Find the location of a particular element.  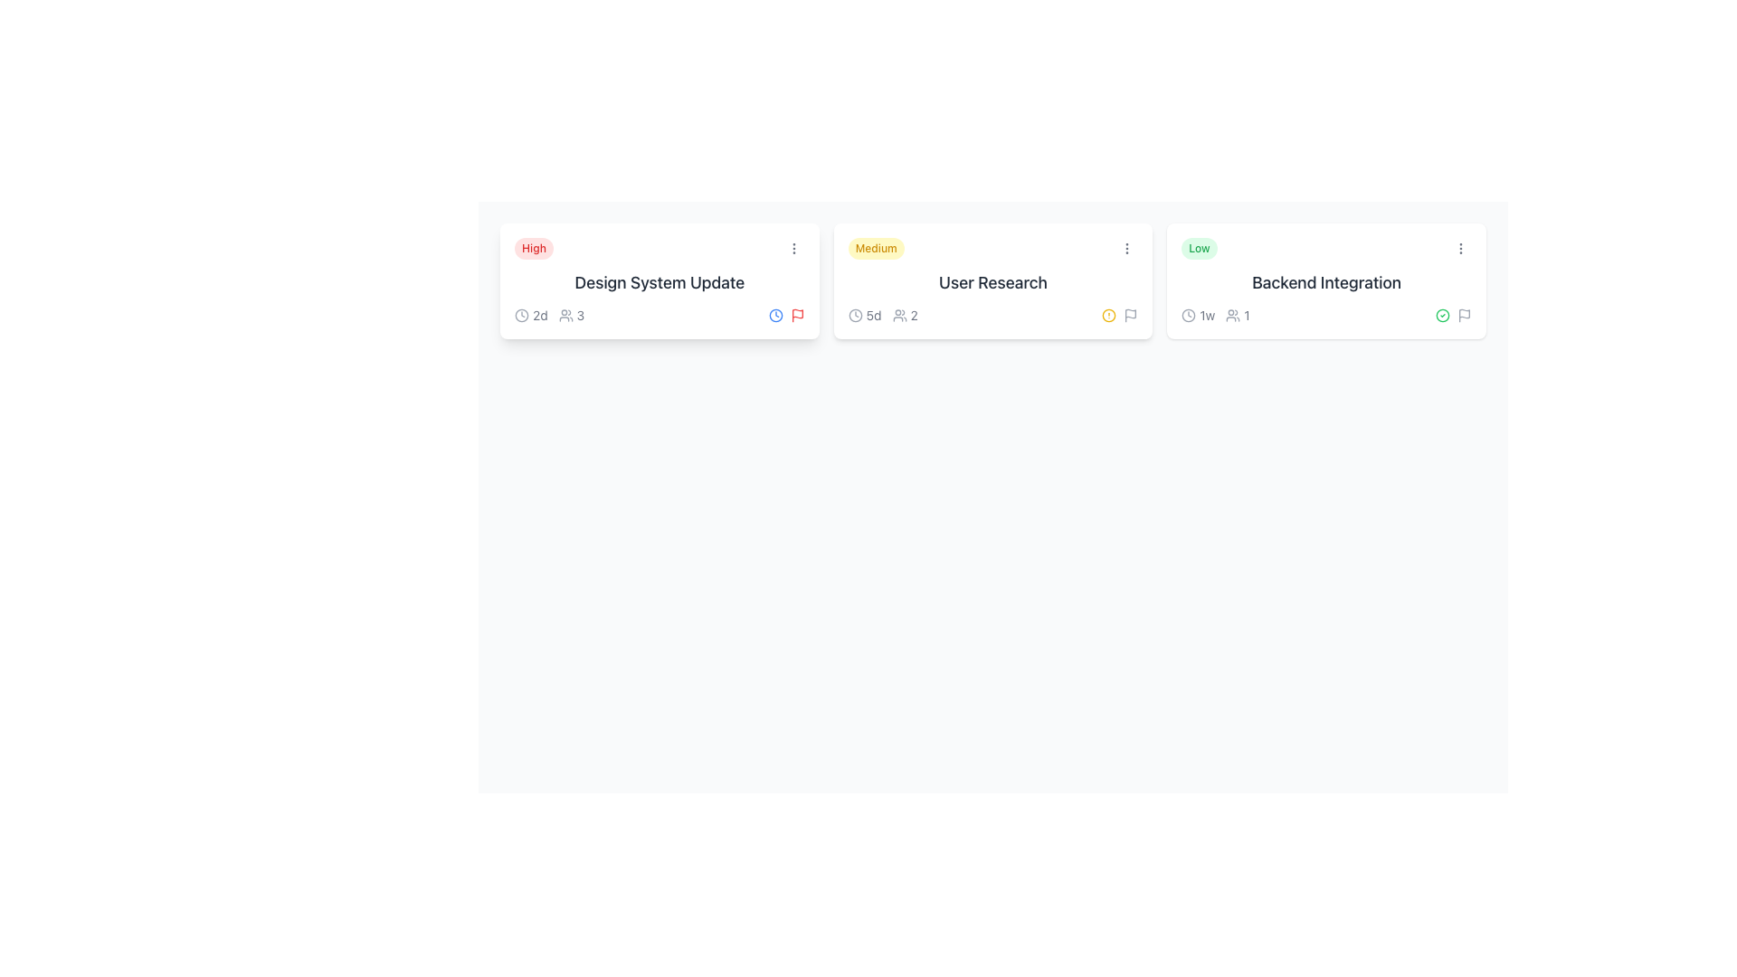

the clock icon with the text '1w' located at the top-right corner of the 'Backend Integration' card is located at coordinates (1198, 314).